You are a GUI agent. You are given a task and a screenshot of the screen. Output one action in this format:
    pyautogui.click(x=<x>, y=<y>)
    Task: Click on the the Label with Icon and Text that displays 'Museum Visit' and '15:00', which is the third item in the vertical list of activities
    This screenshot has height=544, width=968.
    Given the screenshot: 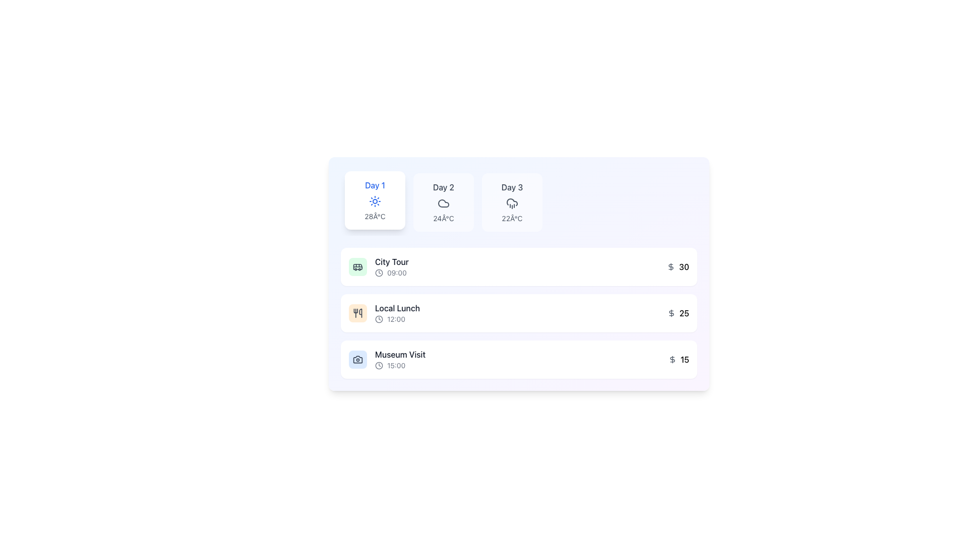 What is the action you would take?
    pyautogui.click(x=400, y=359)
    